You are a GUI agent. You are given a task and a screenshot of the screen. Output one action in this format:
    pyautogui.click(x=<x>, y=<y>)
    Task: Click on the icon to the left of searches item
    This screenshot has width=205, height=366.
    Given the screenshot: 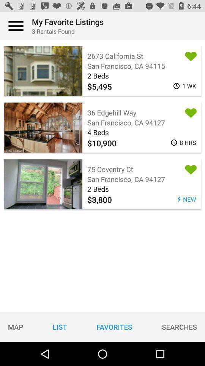 What is the action you would take?
    pyautogui.click(x=114, y=326)
    